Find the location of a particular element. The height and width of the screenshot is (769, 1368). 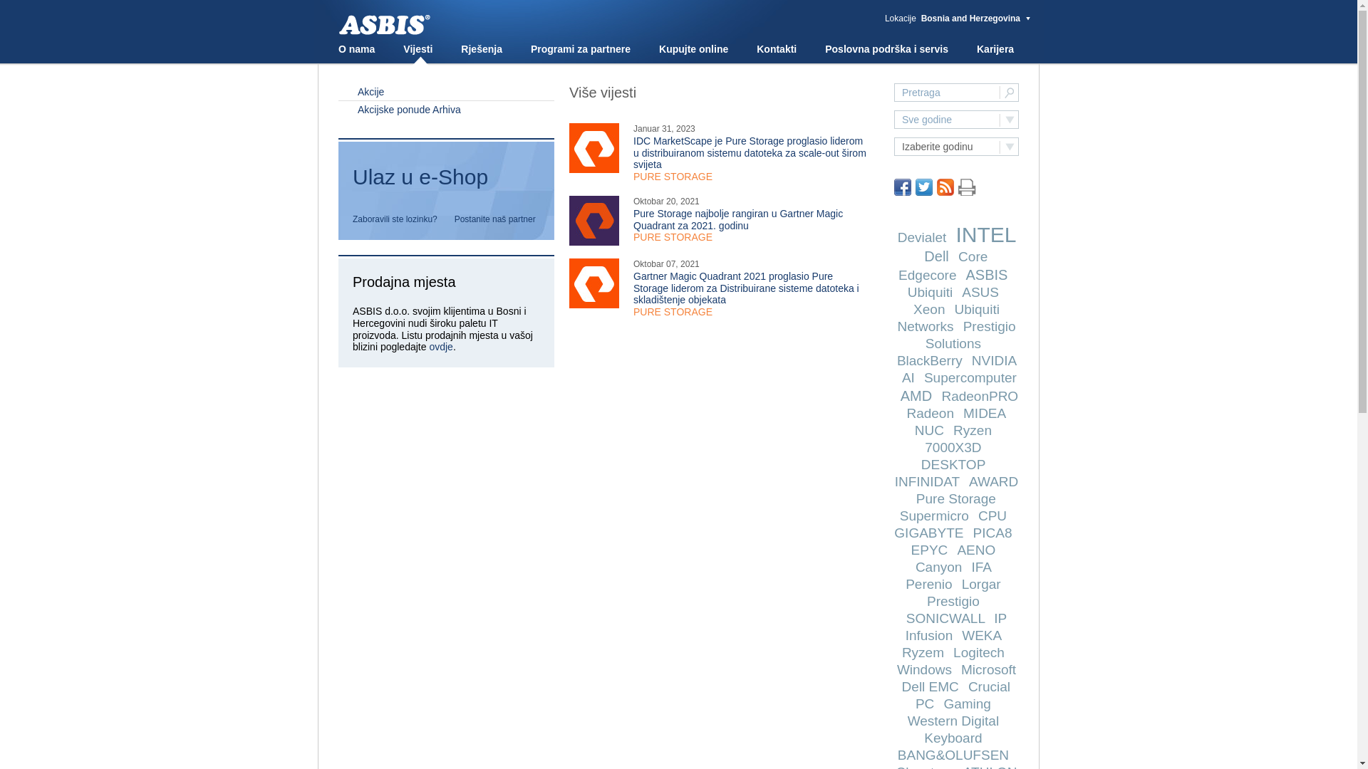

'AENO' is located at coordinates (975, 549).